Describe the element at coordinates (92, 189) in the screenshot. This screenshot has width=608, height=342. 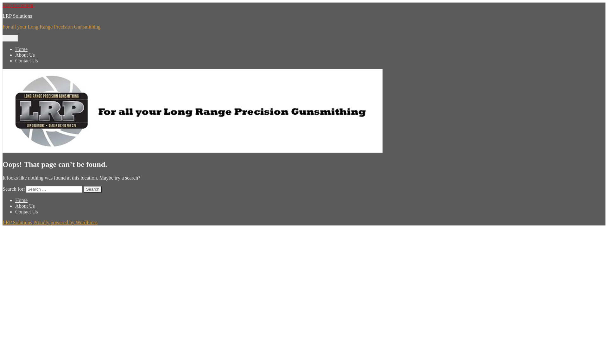
I see `'Search'` at that location.